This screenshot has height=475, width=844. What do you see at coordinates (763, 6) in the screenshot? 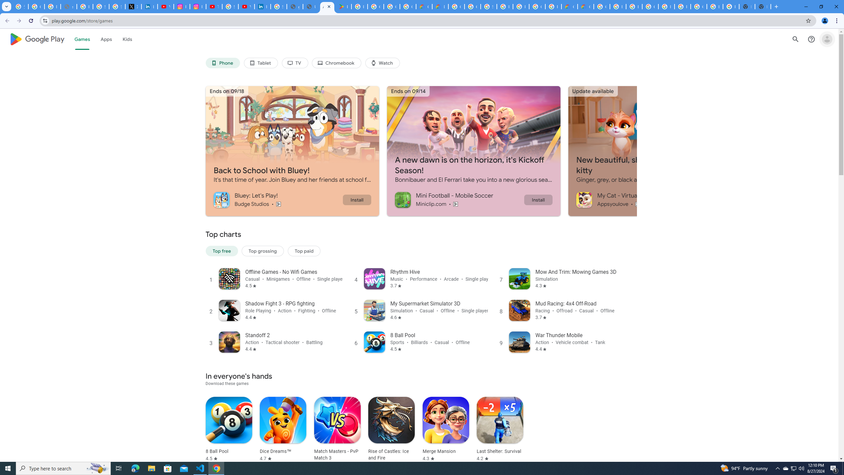
I see `'New Tab'` at bounding box center [763, 6].